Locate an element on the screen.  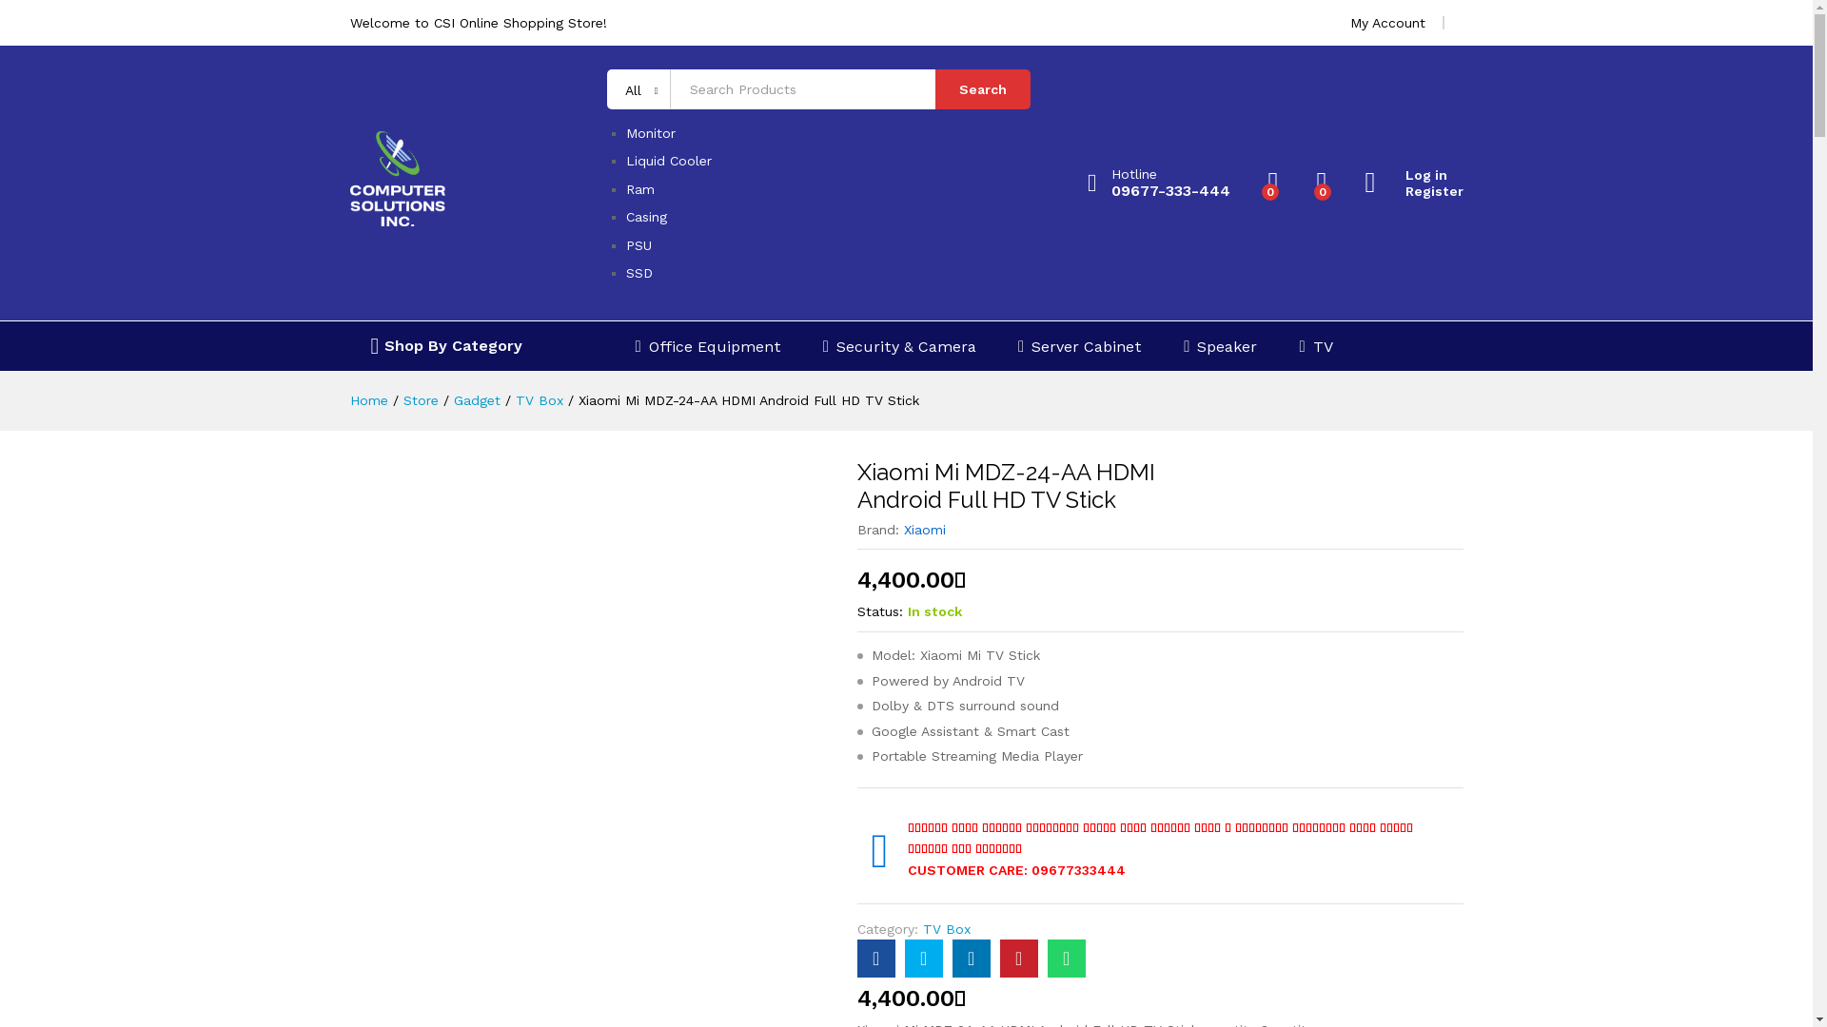
'Search' is located at coordinates (935, 88).